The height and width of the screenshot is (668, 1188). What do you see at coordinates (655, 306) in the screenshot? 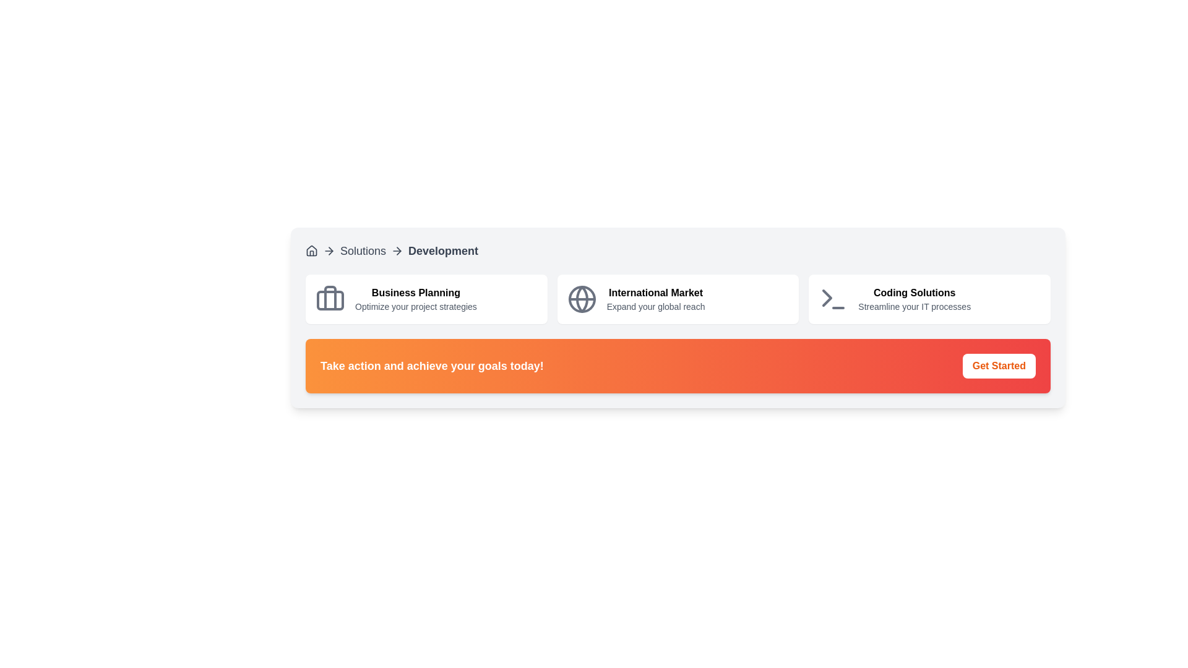
I see `the static text that serves as a descriptive subtitle for the main title 'International Market', which is positioned in the second slot of a horizontally arranged set of three cards` at bounding box center [655, 306].